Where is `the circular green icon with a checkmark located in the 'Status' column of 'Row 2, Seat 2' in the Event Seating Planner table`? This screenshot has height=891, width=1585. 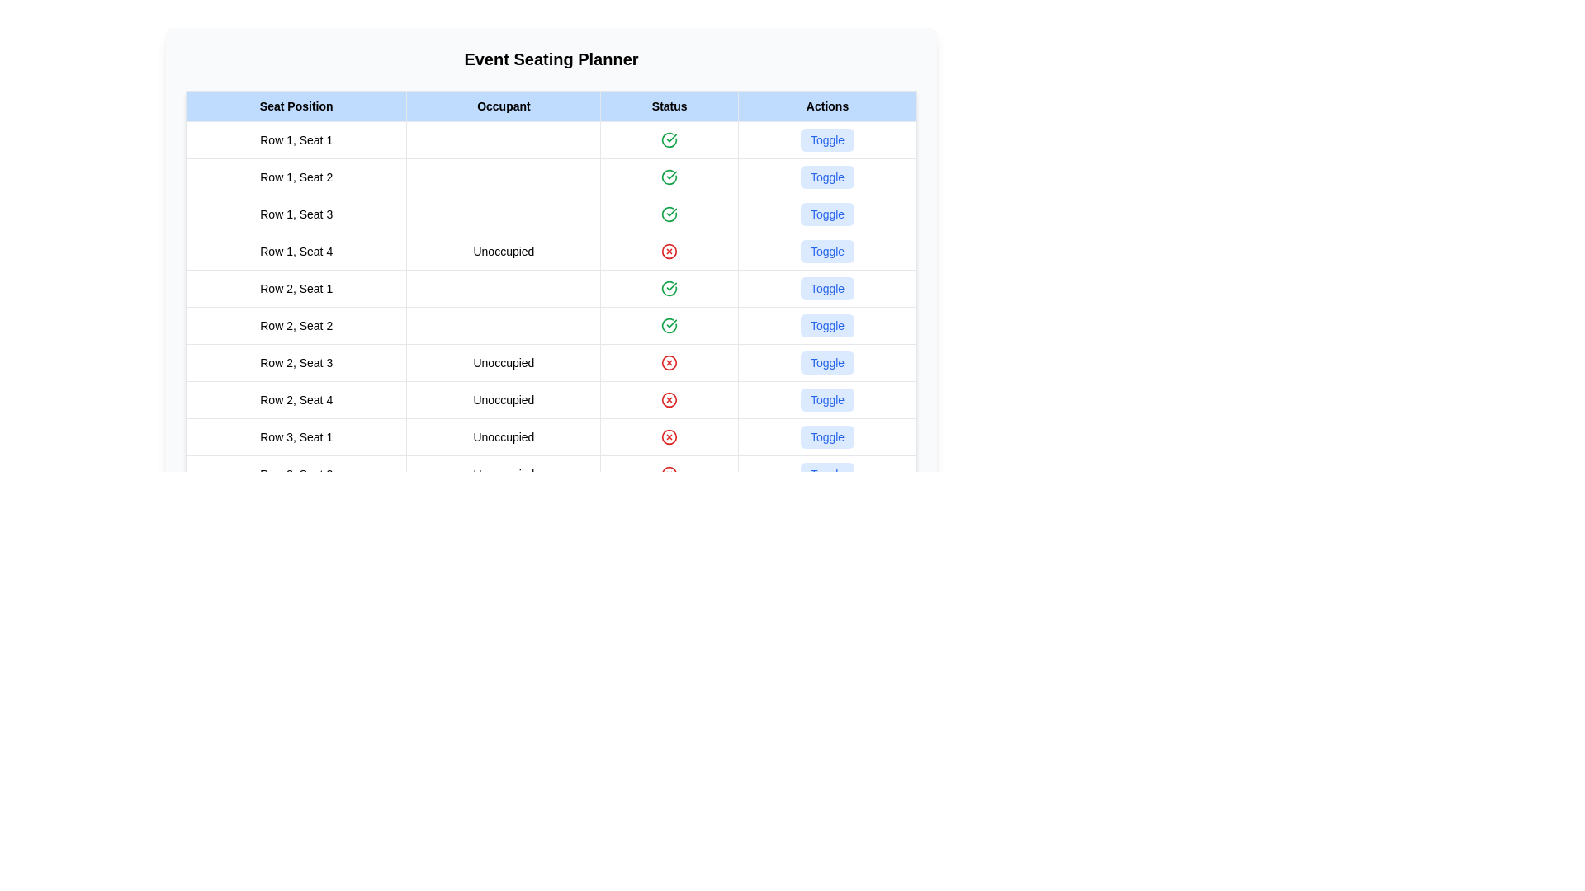
the circular green icon with a checkmark located in the 'Status' column of 'Row 2, Seat 2' in the Event Seating Planner table is located at coordinates (669, 325).